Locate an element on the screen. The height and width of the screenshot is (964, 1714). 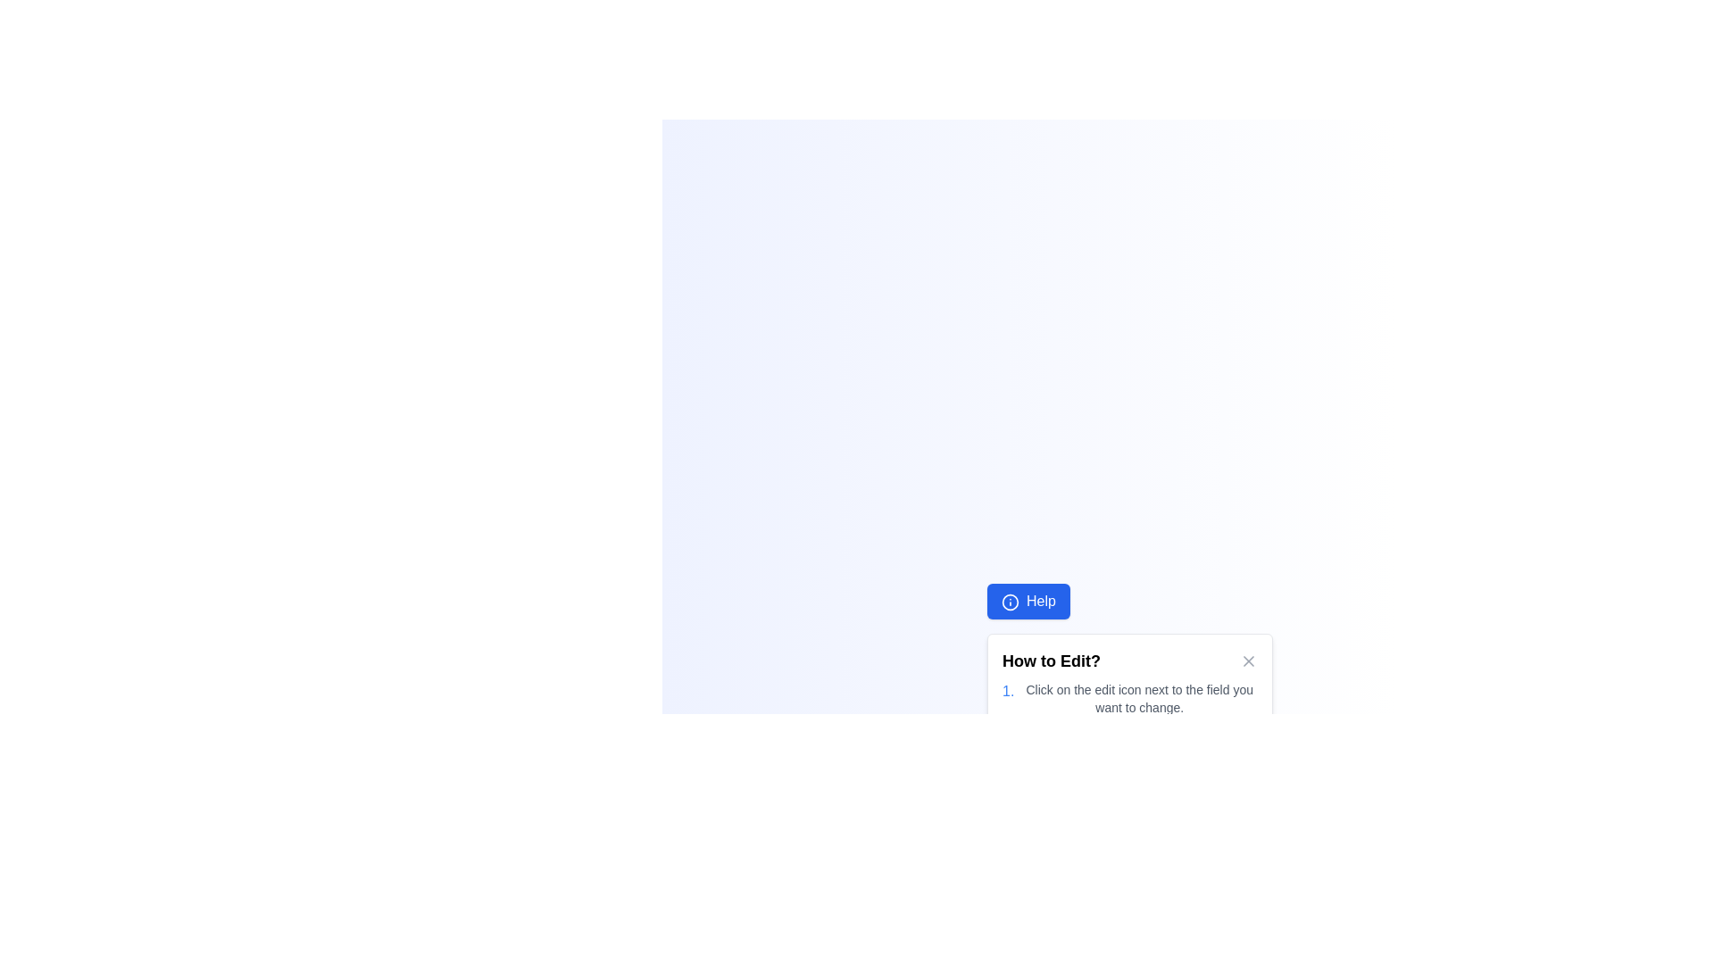
the button containing the graphic representation within the SVG icon located in the bottom-right portion of the UI layout is located at coordinates (1011, 602).